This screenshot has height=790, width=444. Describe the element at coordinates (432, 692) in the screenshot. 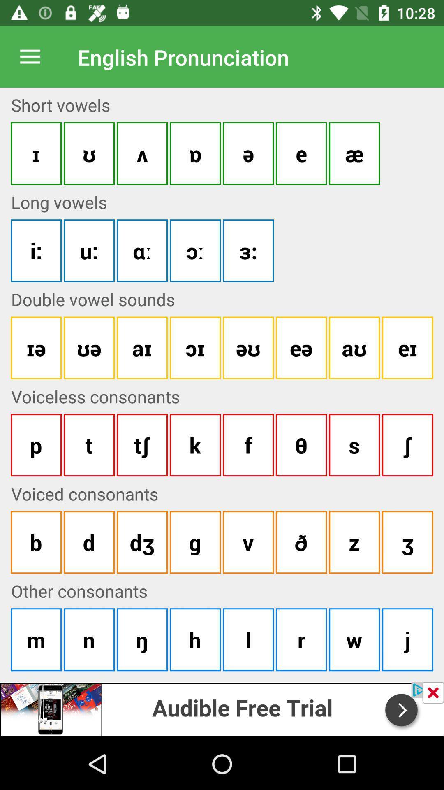

I see `go back` at that location.